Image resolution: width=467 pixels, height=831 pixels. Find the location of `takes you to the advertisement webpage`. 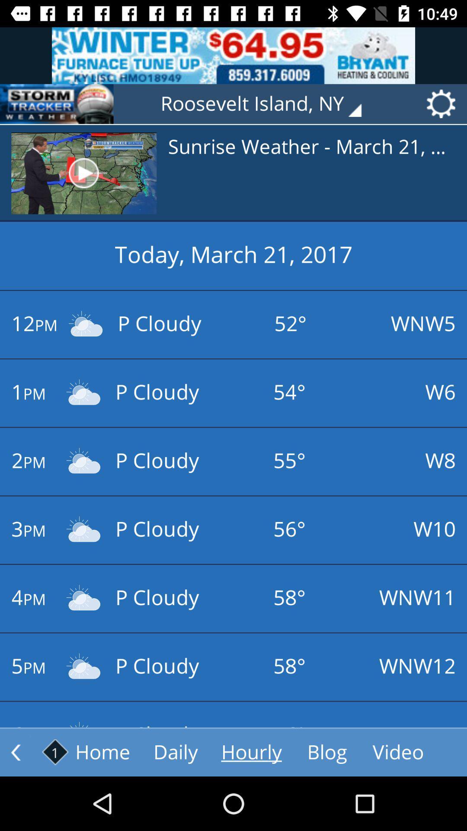

takes you to the advertisement webpage is located at coordinates (233, 55).